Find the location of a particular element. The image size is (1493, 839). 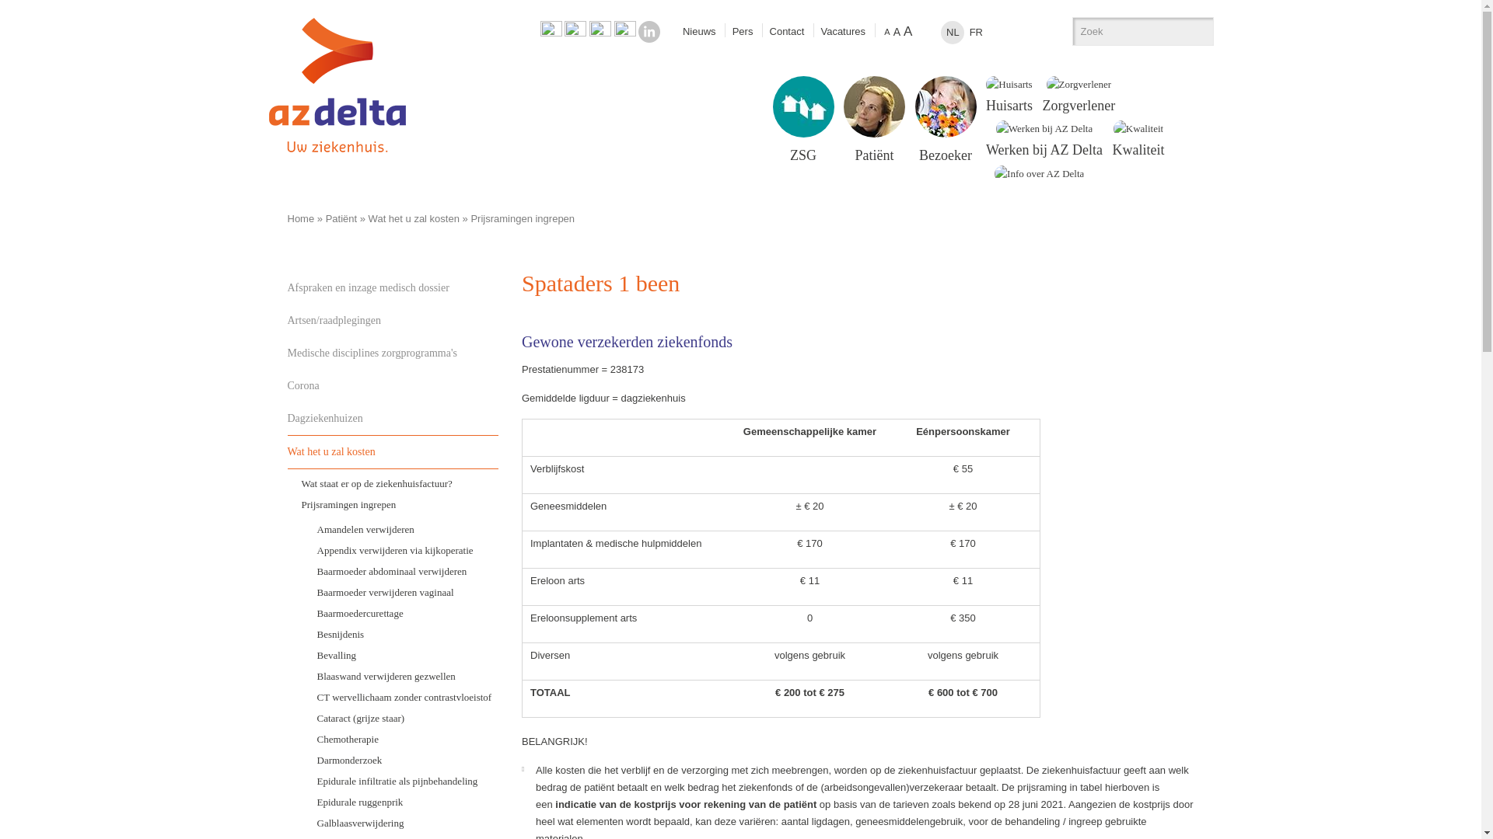

'Geef de zoektermen in waar u wil naar zoeken.' is located at coordinates (1127, 31).